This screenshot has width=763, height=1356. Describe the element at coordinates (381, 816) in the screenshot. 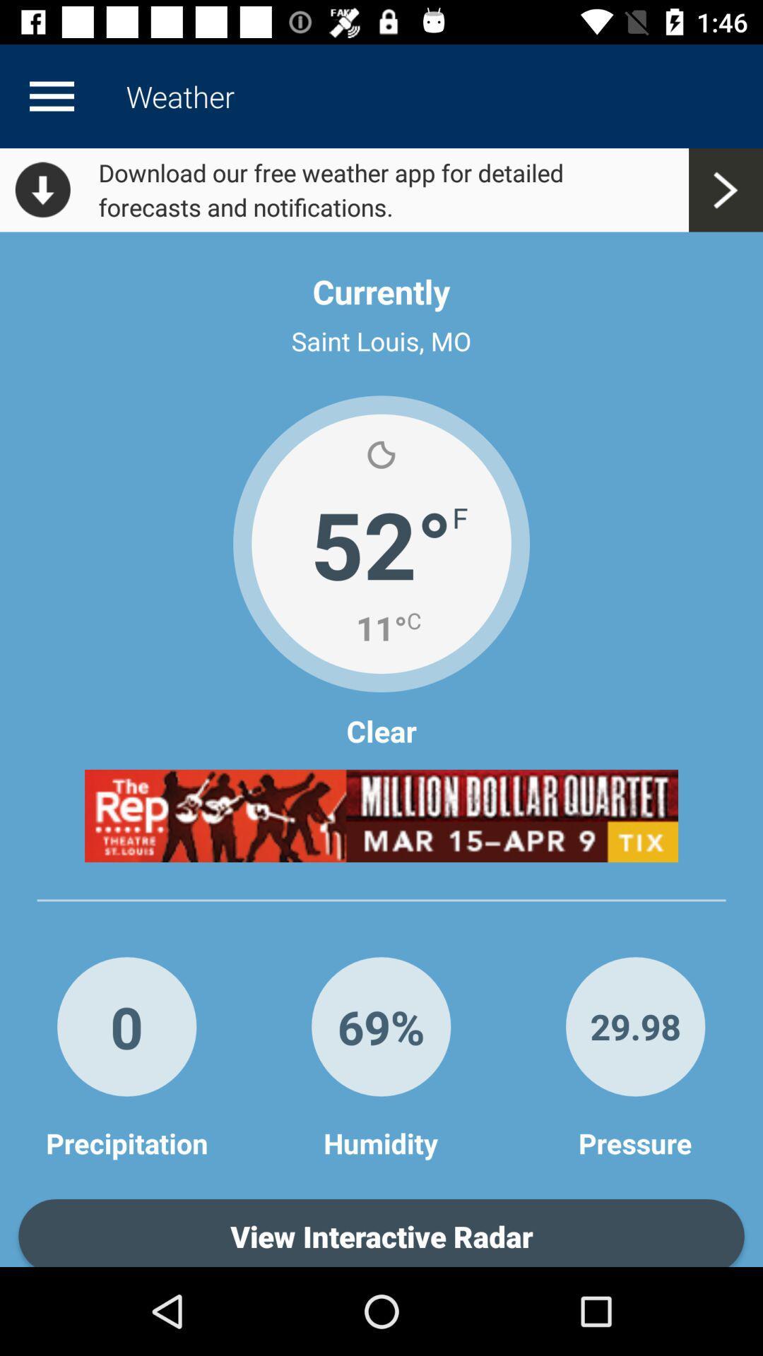

I see `click on advertisement` at that location.